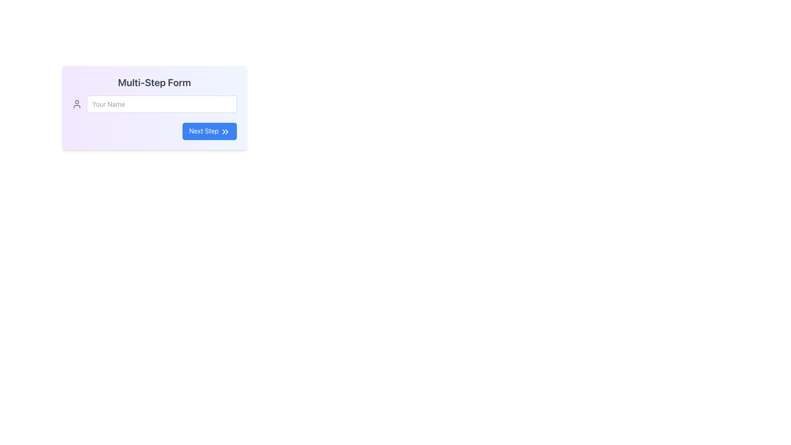 Image resolution: width=791 pixels, height=445 pixels. Describe the element at coordinates (77, 104) in the screenshot. I see `the user icon, which is a minimalistic outline-style icon with a circular head and shoulders, located to the left of the 'Your Name' text input field` at that location.